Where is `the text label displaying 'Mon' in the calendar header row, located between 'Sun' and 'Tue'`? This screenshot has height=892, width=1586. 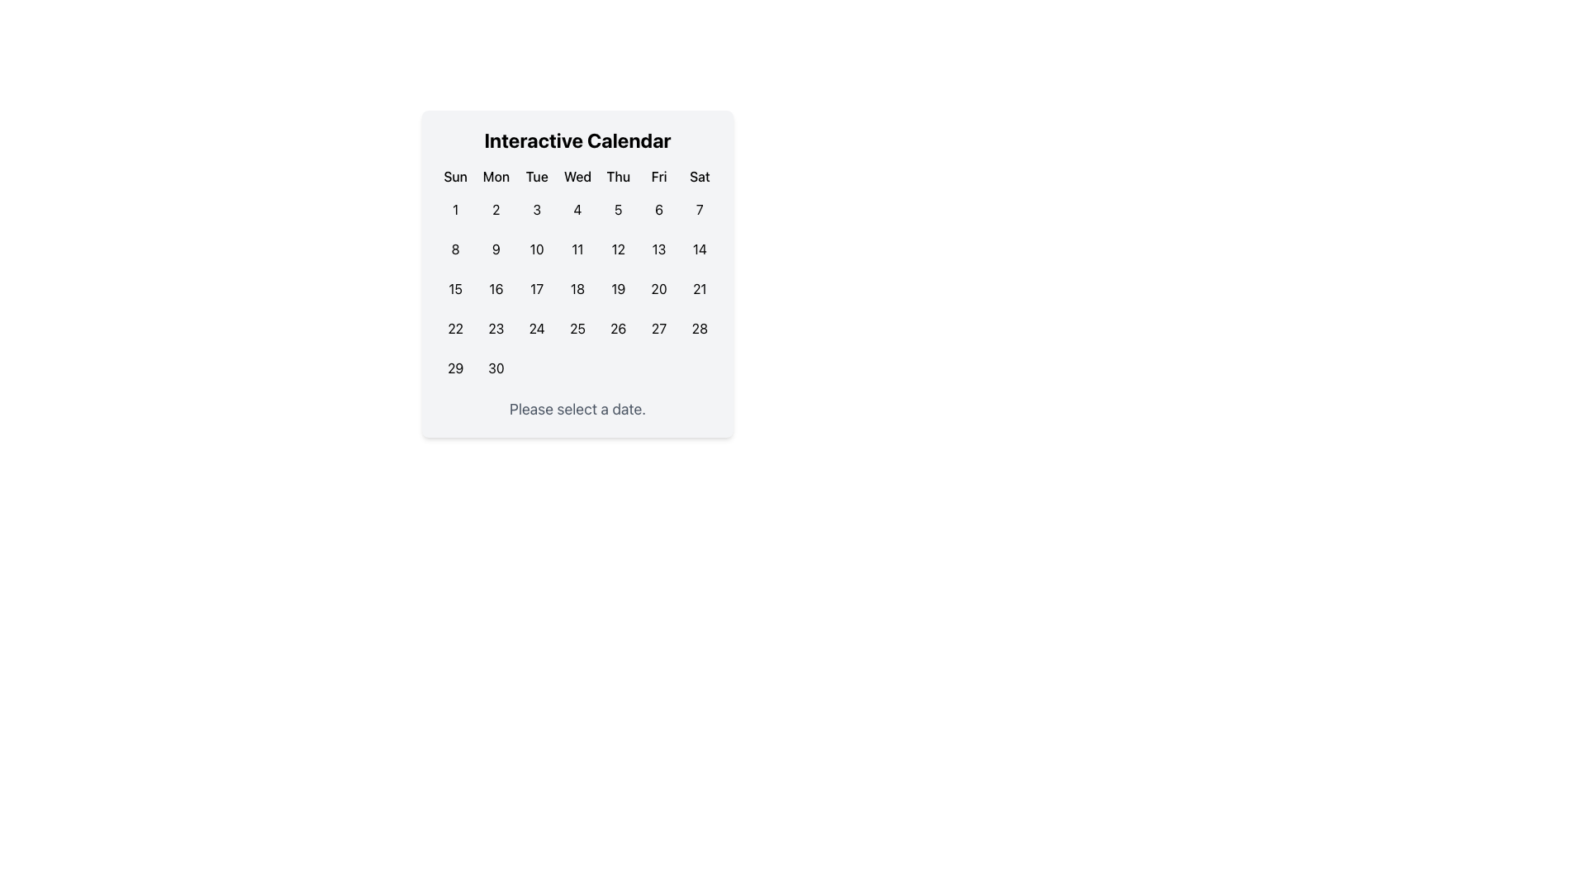 the text label displaying 'Mon' in the calendar header row, located between 'Sun' and 'Tue' is located at coordinates (495, 176).